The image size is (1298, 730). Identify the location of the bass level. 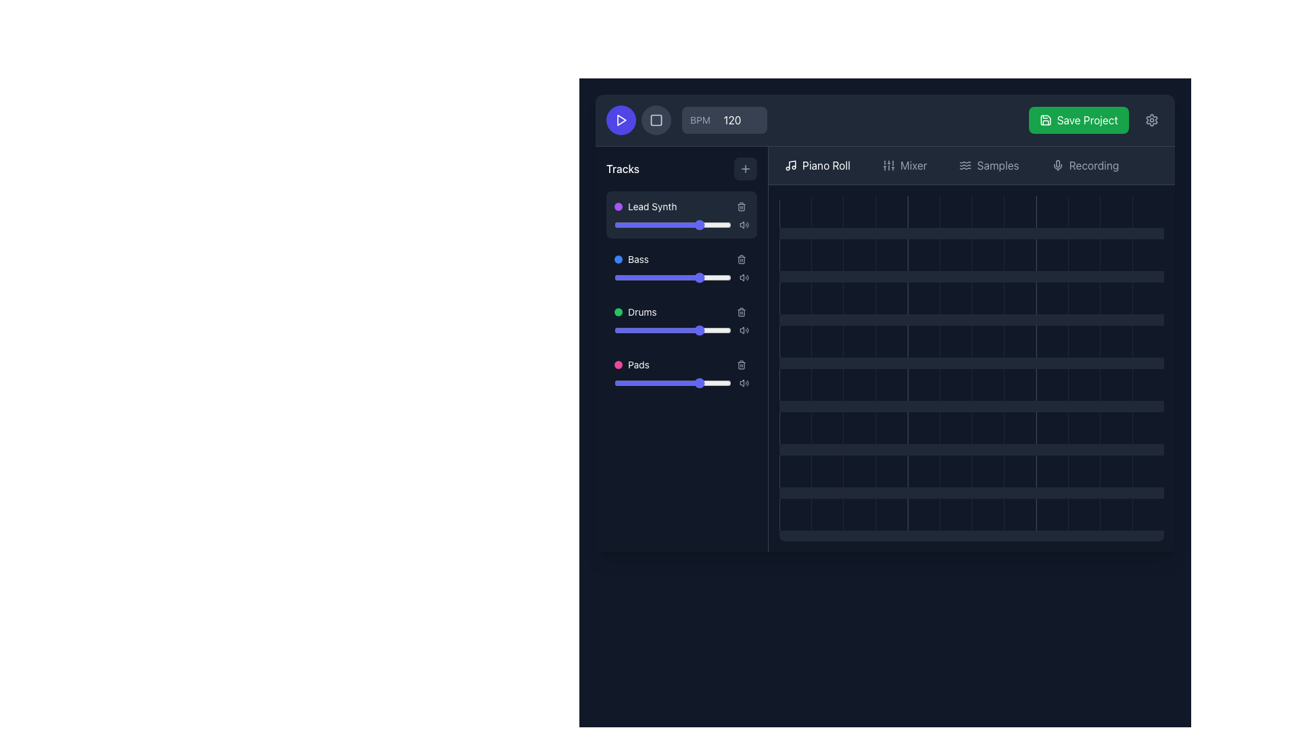
(728, 277).